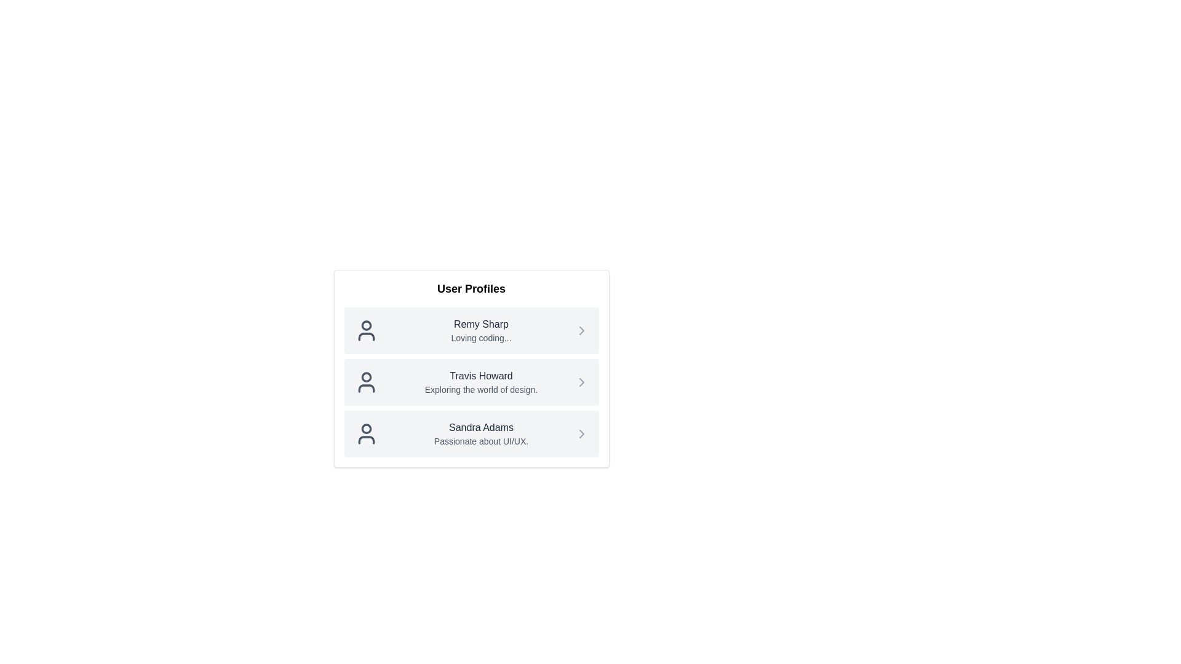 The width and height of the screenshot is (1181, 664). Describe the element at coordinates (480, 376) in the screenshot. I see `the text label displaying 'Travis Howard', which is the primary heading of the second user profile in a vertical list of three profiles` at that location.